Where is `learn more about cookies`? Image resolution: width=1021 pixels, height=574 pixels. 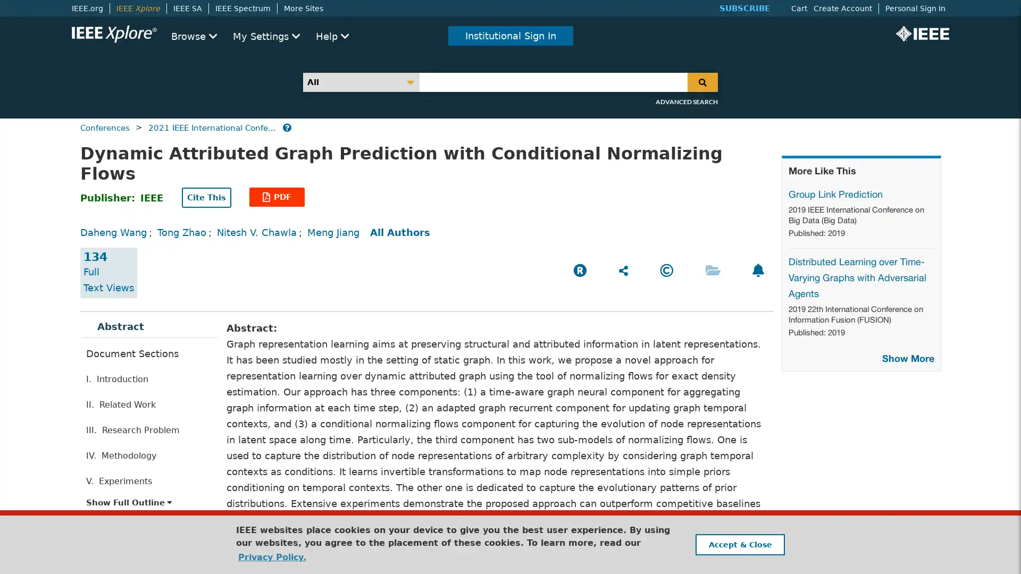
learn more about cookies is located at coordinates (271, 556).